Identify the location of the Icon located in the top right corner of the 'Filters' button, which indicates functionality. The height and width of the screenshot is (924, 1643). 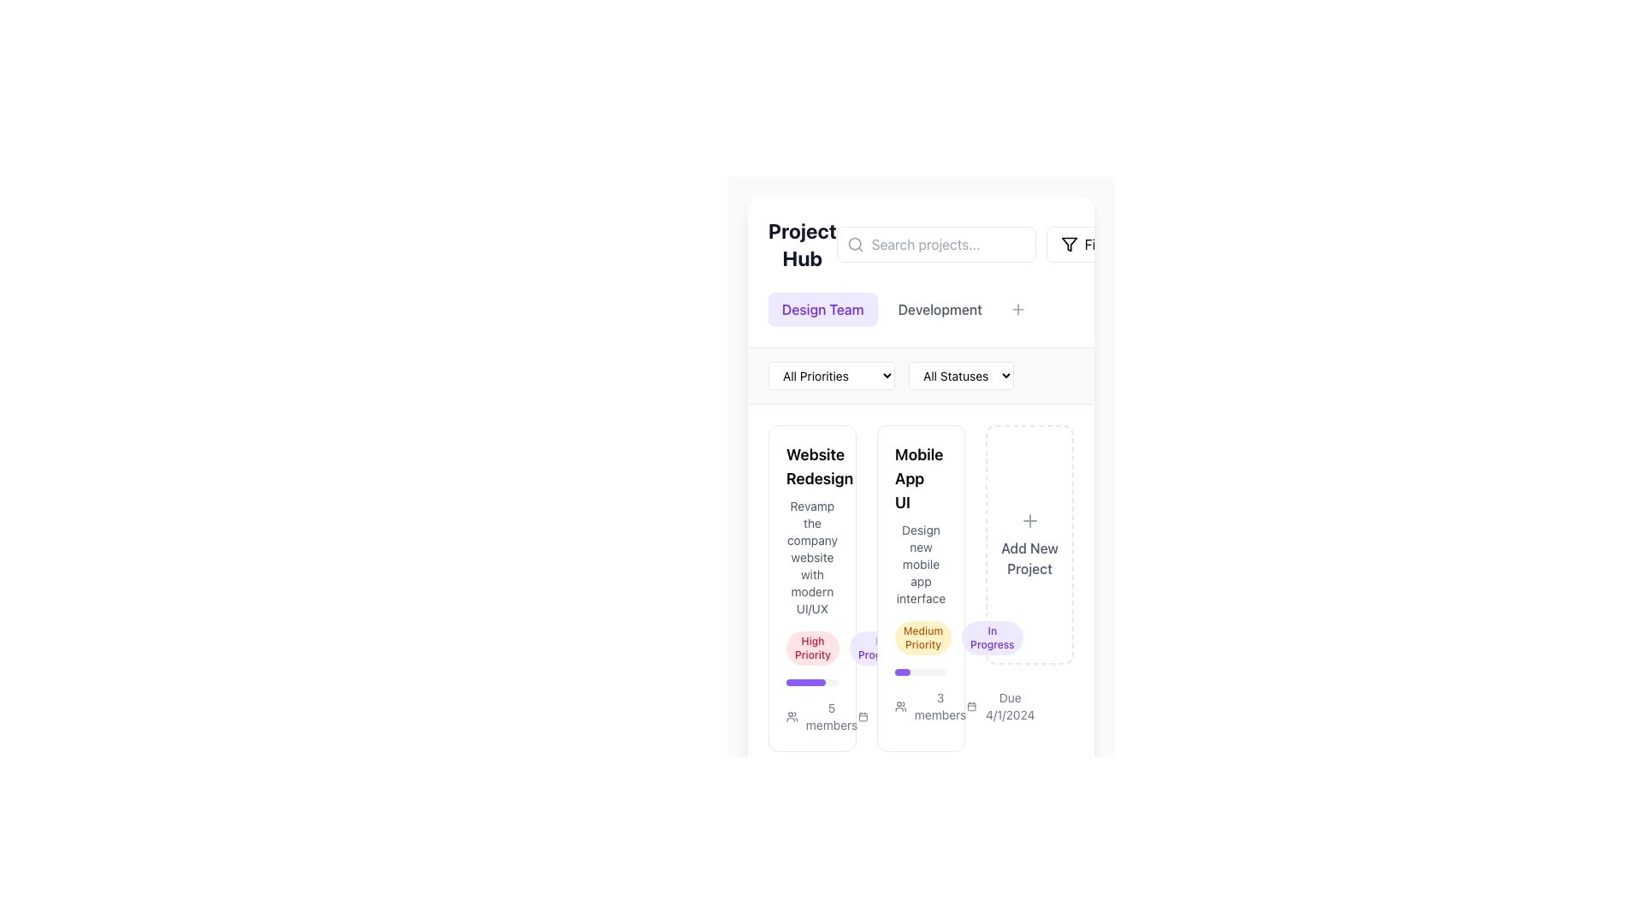
(1068, 244).